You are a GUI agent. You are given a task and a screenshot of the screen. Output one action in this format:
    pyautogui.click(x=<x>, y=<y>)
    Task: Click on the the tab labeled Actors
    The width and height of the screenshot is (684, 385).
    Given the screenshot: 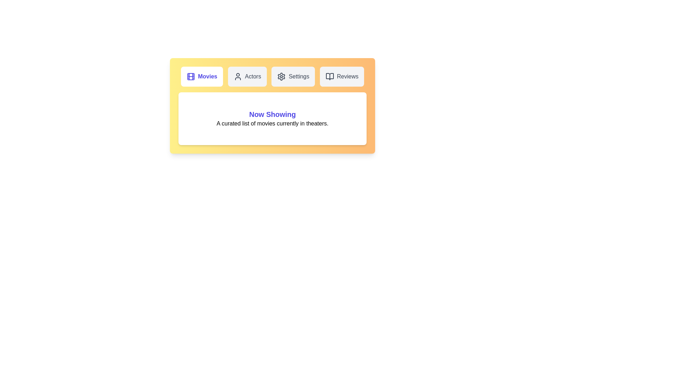 What is the action you would take?
    pyautogui.click(x=247, y=77)
    